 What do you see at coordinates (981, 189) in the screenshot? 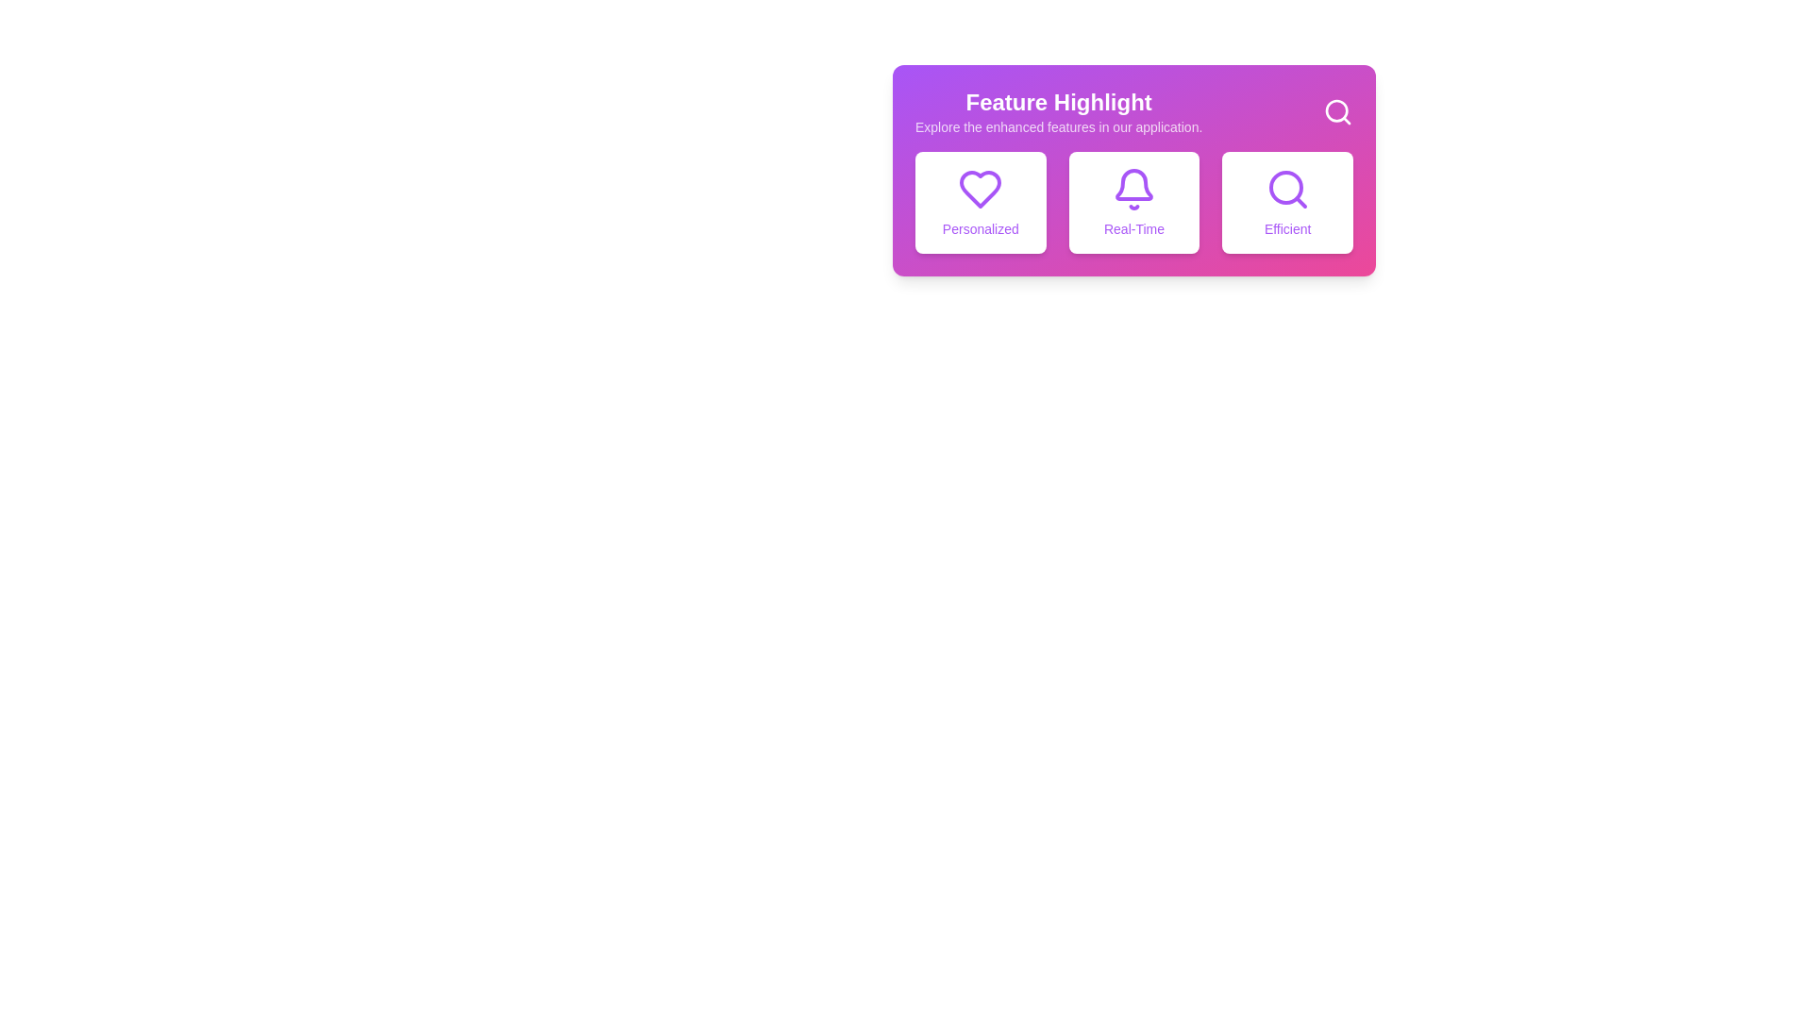
I see `the heart icon located in the first rectangular section under the 'Feature Highlight' title` at bounding box center [981, 189].